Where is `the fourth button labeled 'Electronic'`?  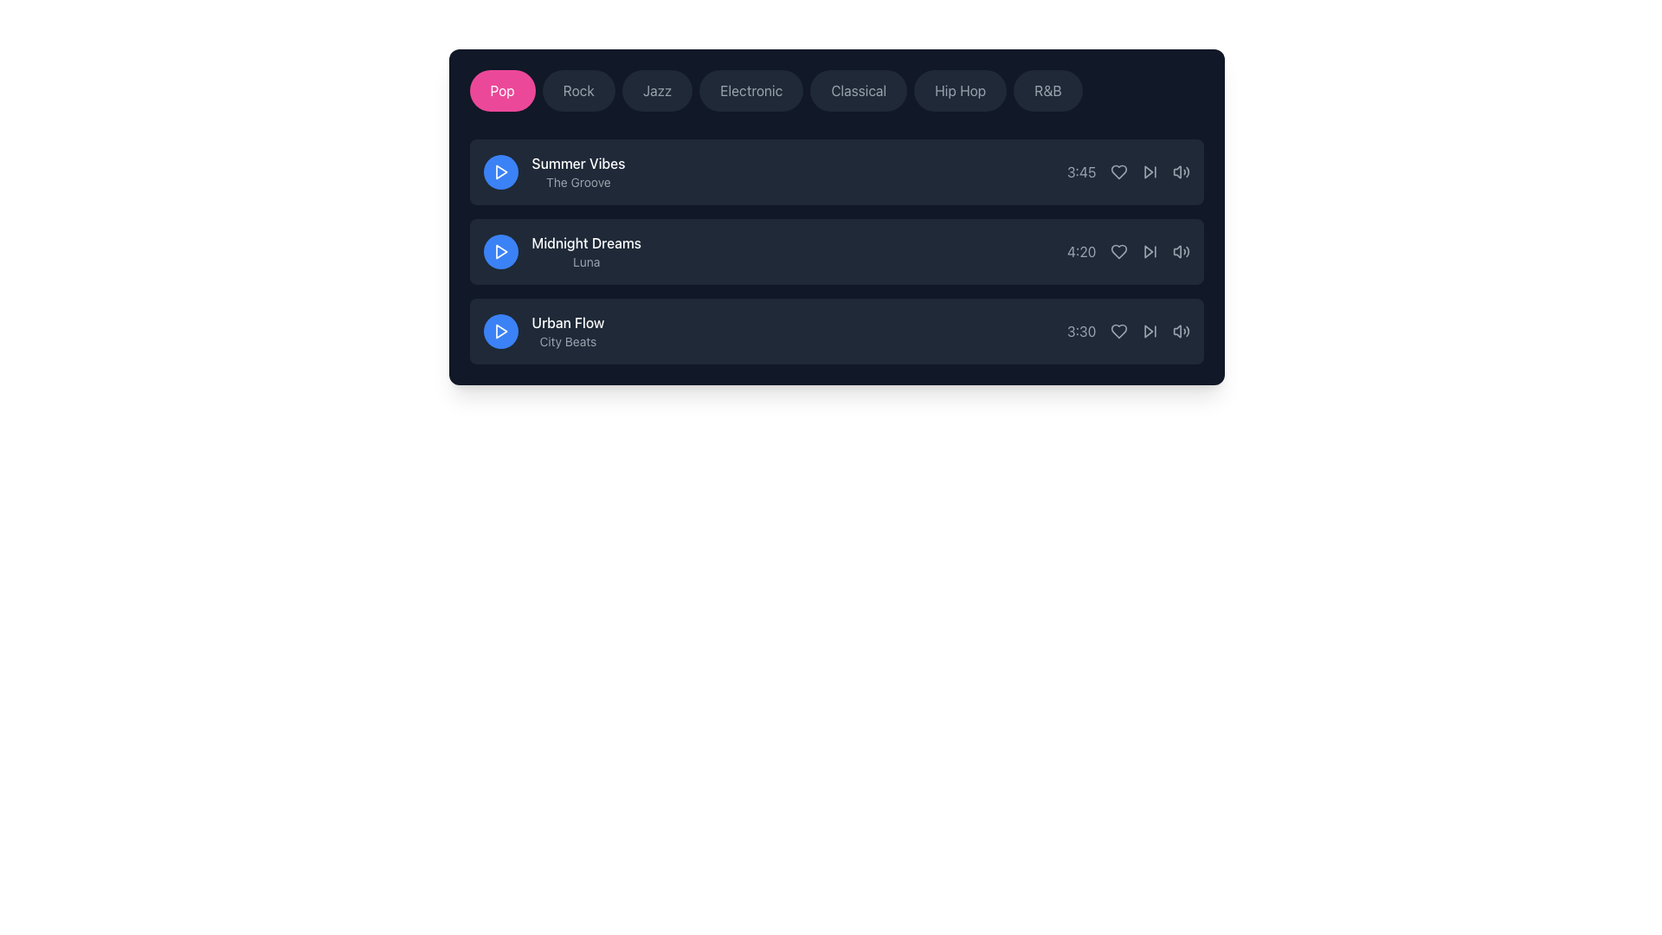
the fourth button labeled 'Electronic' is located at coordinates (751, 90).